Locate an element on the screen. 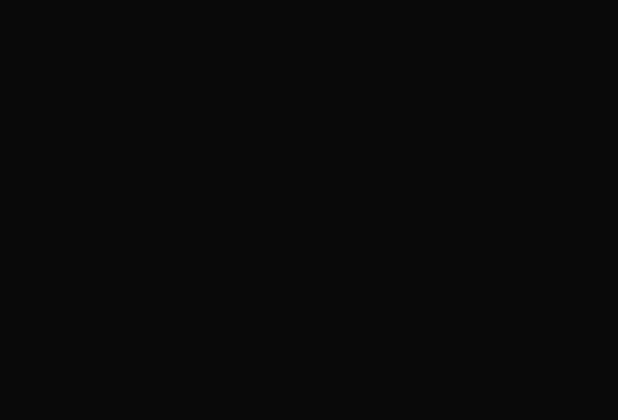 The width and height of the screenshot is (618, 420). 'Palace Theatre' is located at coordinates (439, 8).